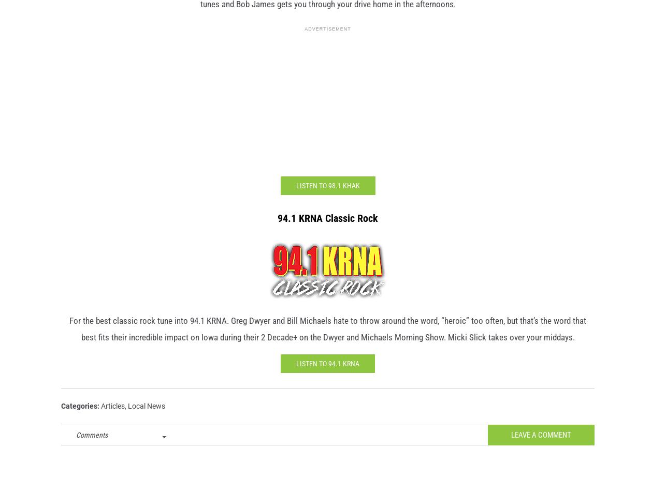 The height and width of the screenshot is (478, 666). Describe the element at coordinates (79, 422) in the screenshot. I see `'Categories'` at that location.